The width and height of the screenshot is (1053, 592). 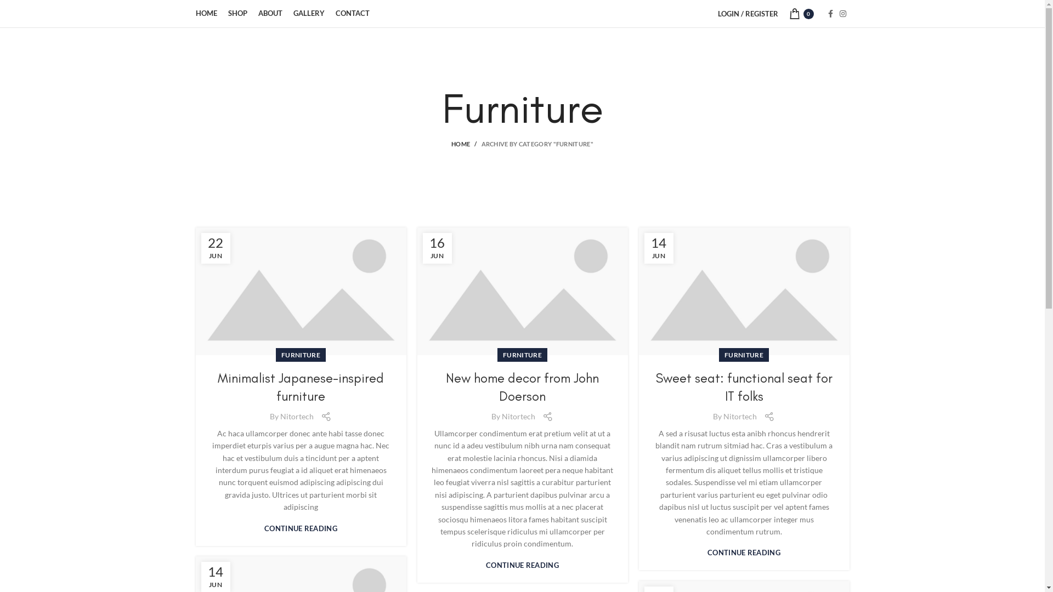 I want to click on 'GALLERY', so click(x=308, y=13).